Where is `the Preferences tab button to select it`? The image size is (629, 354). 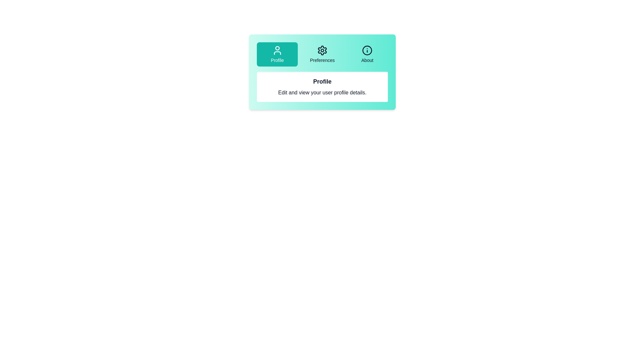
the Preferences tab button to select it is located at coordinates (322, 54).